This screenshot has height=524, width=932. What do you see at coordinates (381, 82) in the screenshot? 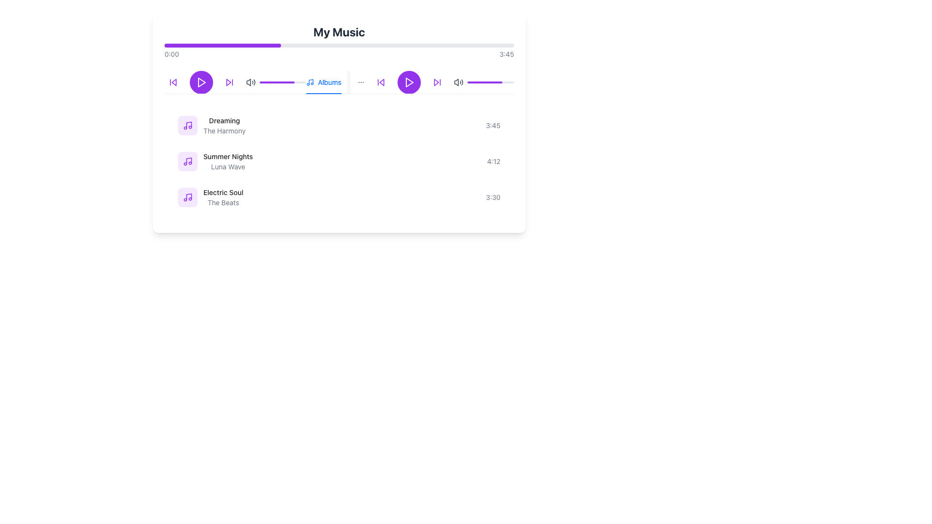
I see `the circular skip button with a left-facing triangle and vertical line icon` at bounding box center [381, 82].